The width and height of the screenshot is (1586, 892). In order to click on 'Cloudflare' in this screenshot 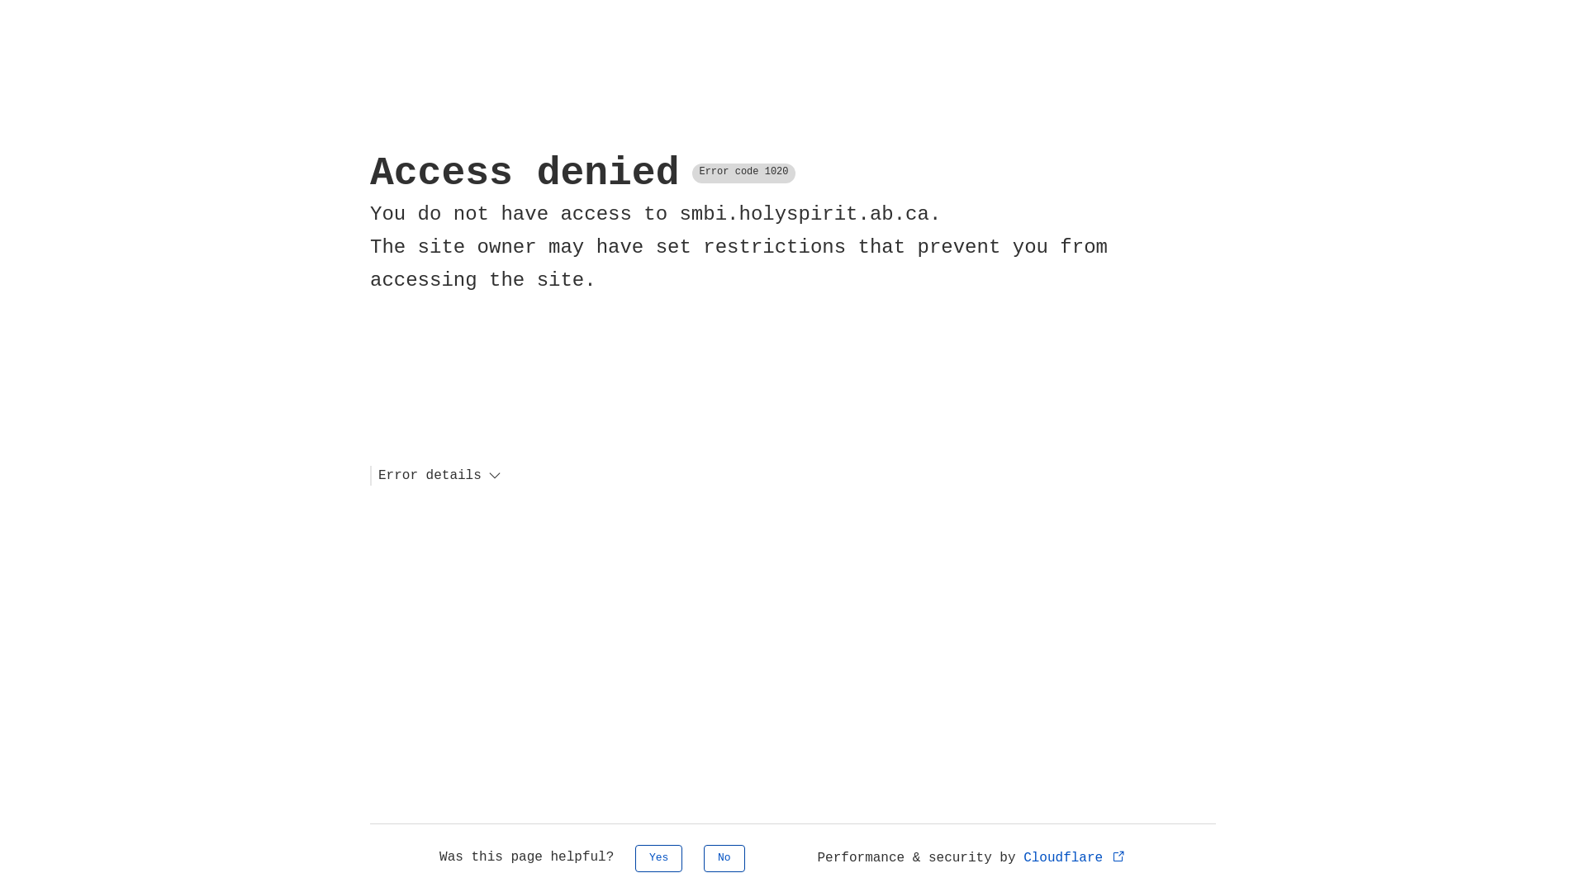, I will do `click(1075, 856)`.